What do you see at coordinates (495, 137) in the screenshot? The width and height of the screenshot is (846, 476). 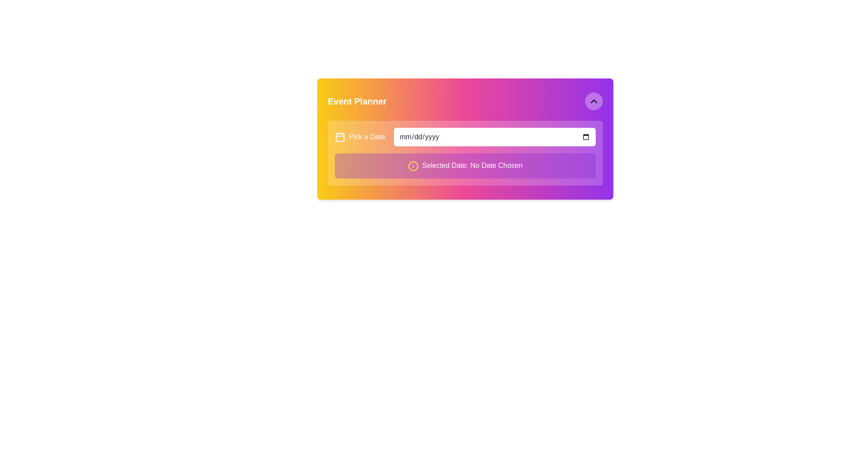 I see `the Date Input Field labeled 'Pick a Date:'` at bounding box center [495, 137].